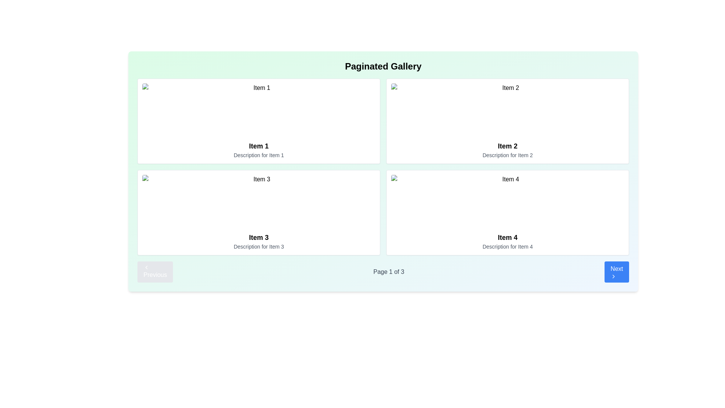 This screenshot has height=408, width=725. Describe the element at coordinates (507, 246) in the screenshot. I see `the text field containing the phrase 'Description for Item 4', which is styled in a small gray font and located beneath the bolded title 'Item 4' in the bottom-right quadrant of the card grid` at that location.